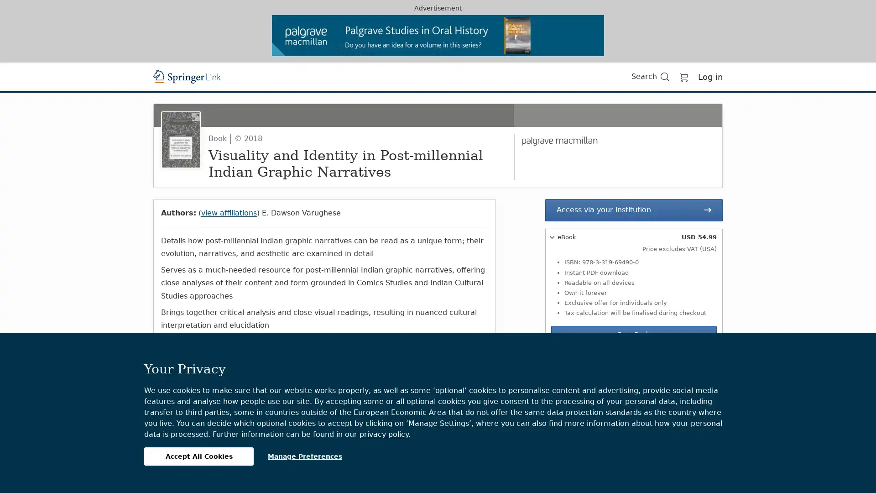 The height and width of the screenshot is (493, 876). I want to click on Manage Preferences, so click(305, 456).